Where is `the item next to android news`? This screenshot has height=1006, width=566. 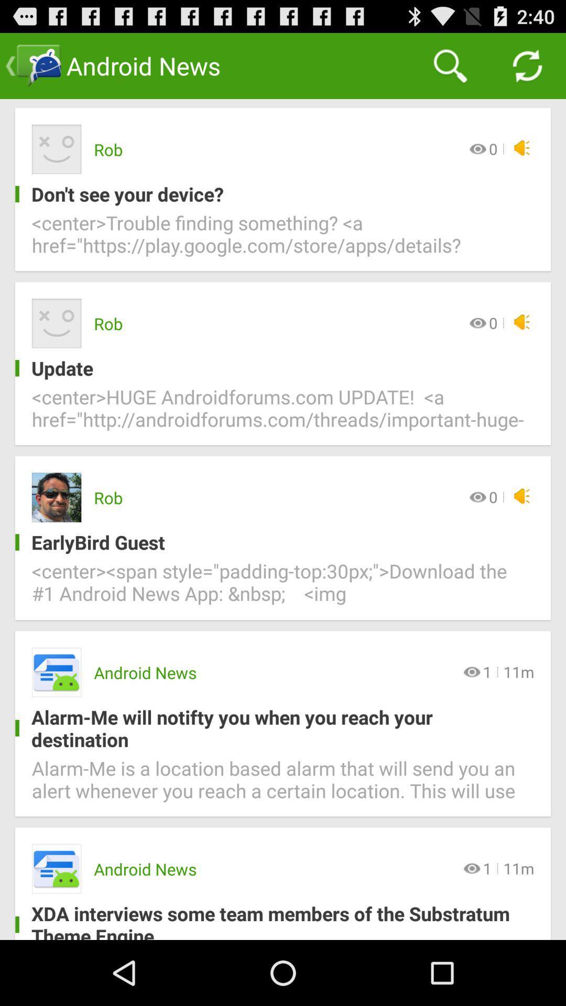
the item next to android news is located at coordinates (450, 65).